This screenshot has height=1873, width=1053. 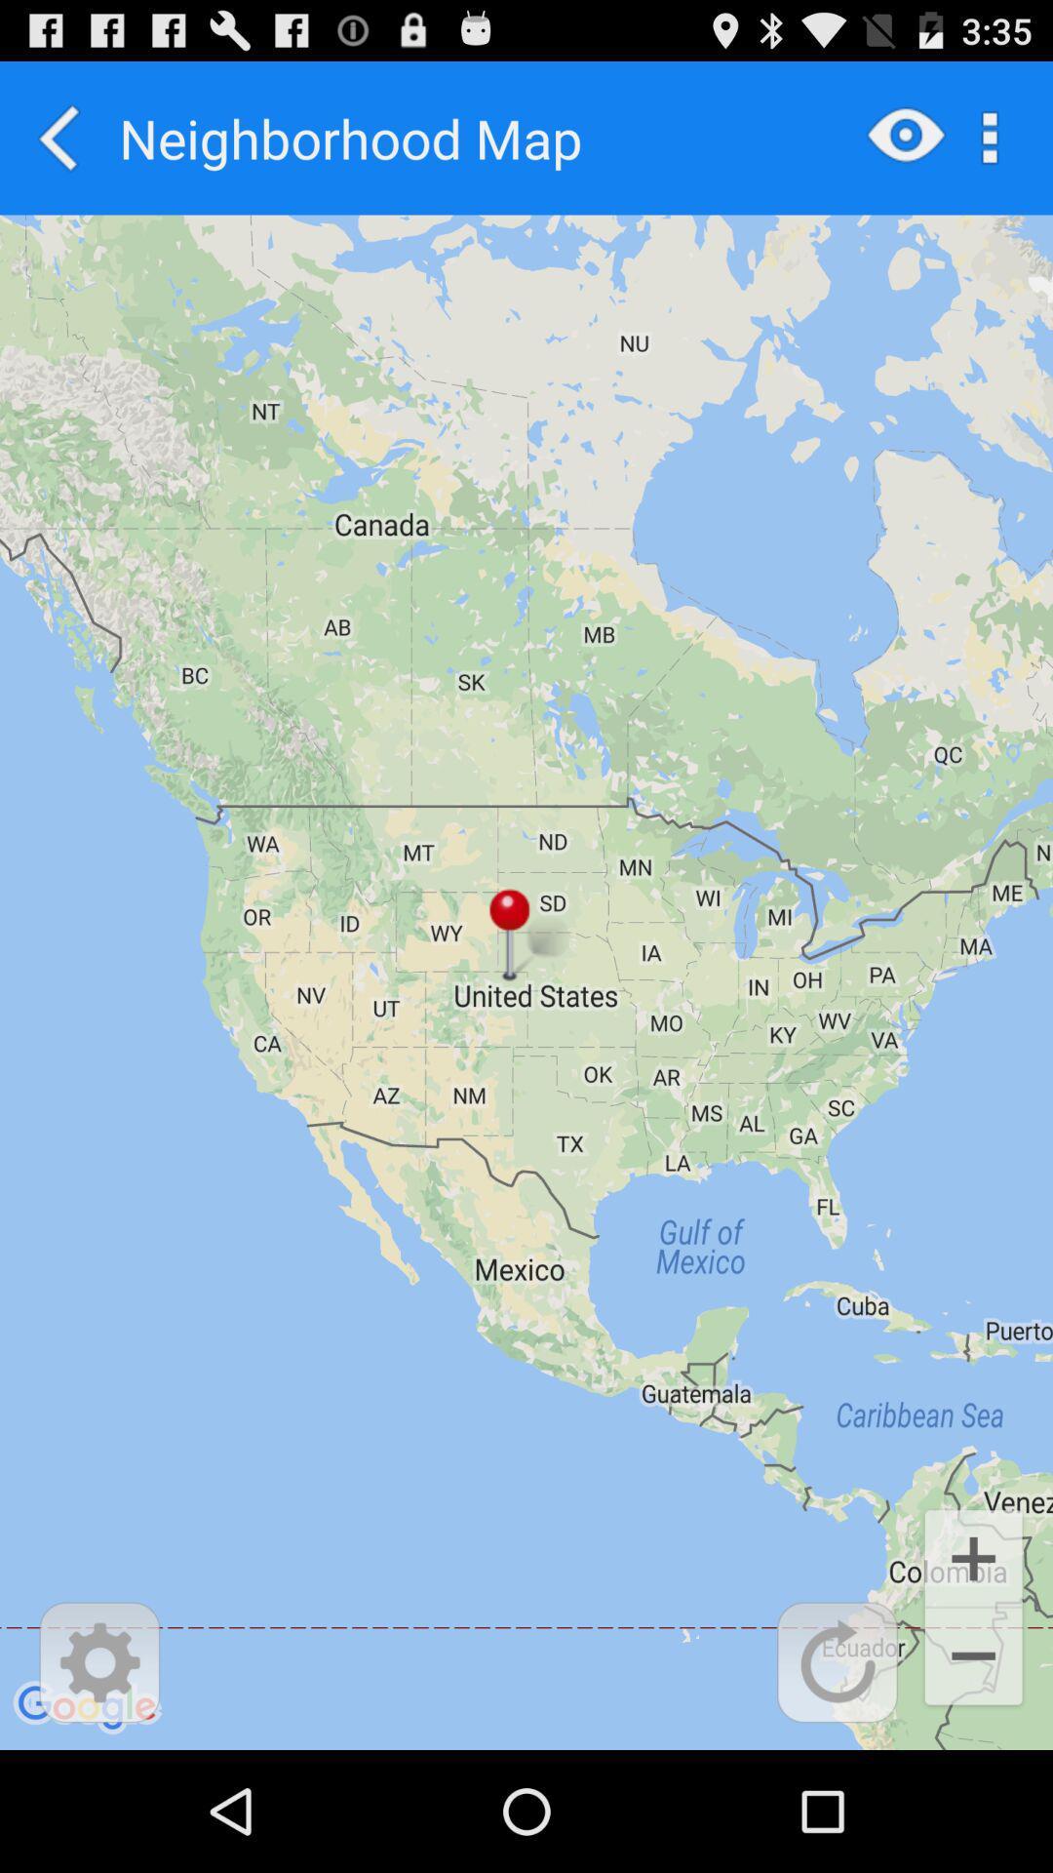 I want to click on refresh map, so click(x=837, y=1661).